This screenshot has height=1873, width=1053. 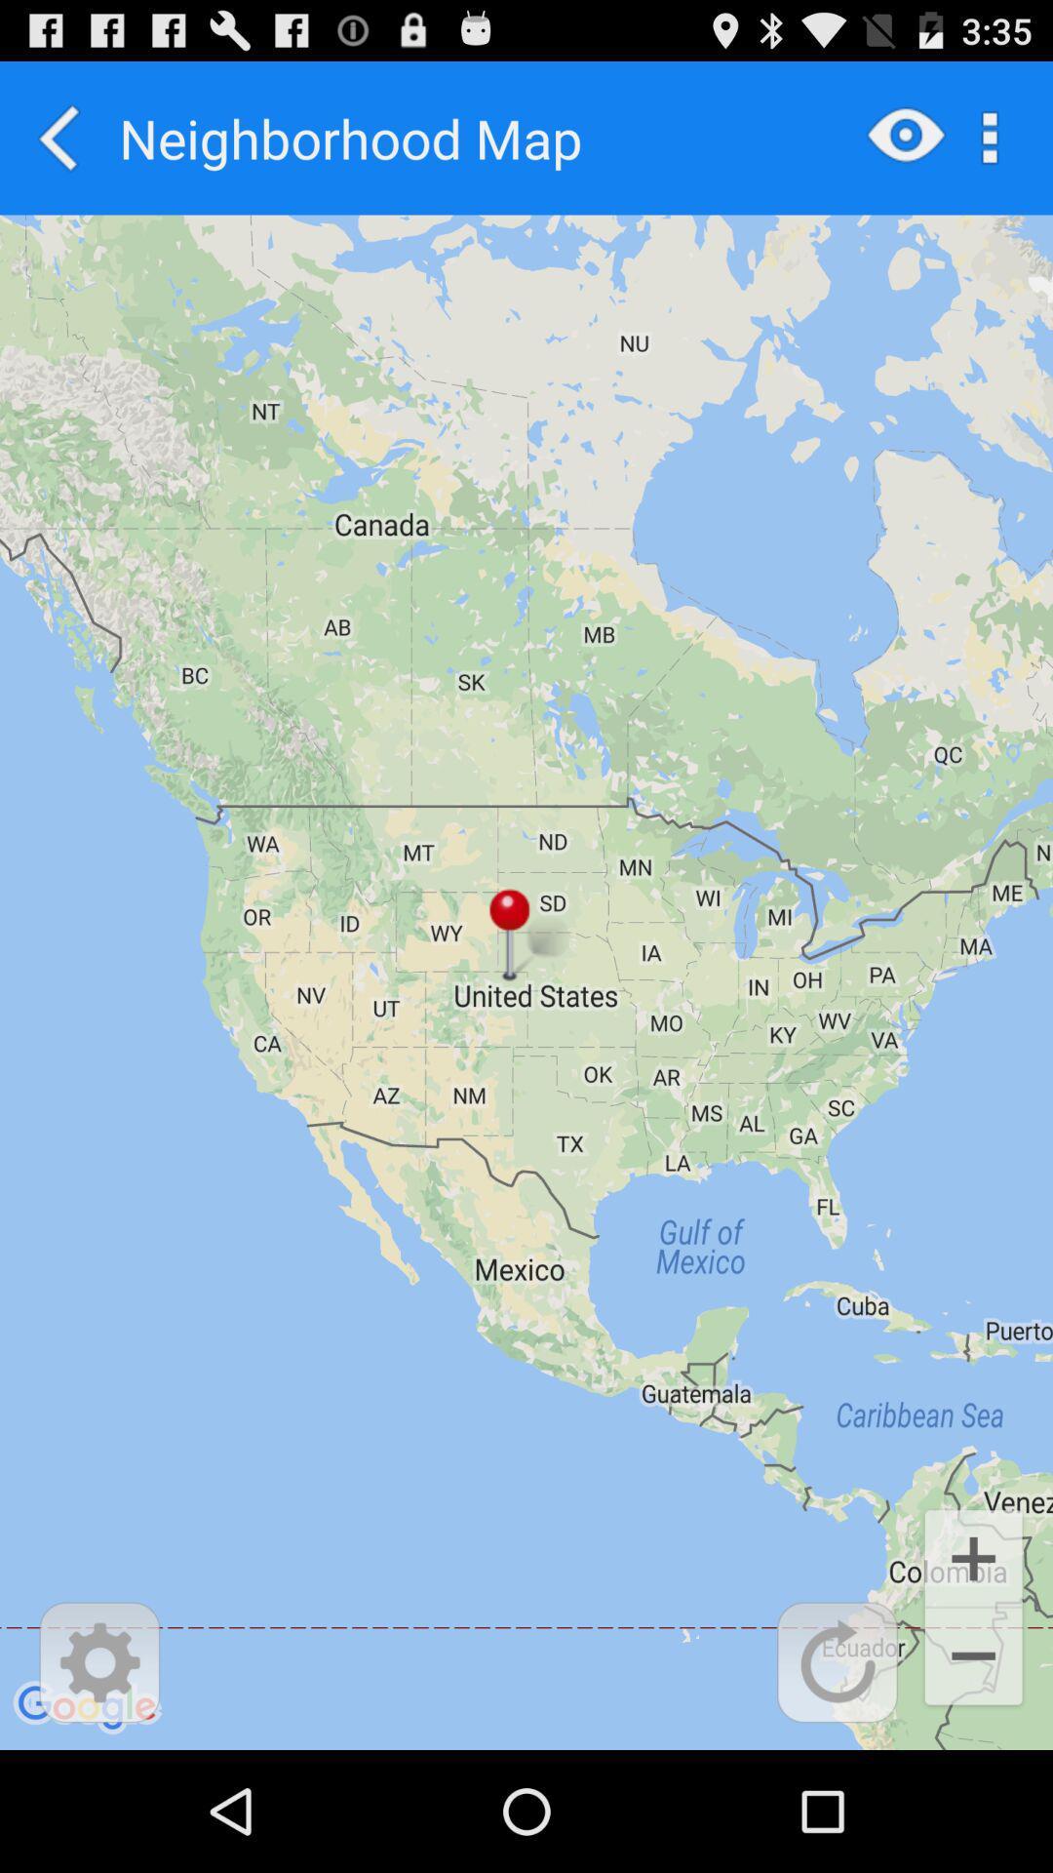 I want to click on refresh map, so click(x=837, y=1661).